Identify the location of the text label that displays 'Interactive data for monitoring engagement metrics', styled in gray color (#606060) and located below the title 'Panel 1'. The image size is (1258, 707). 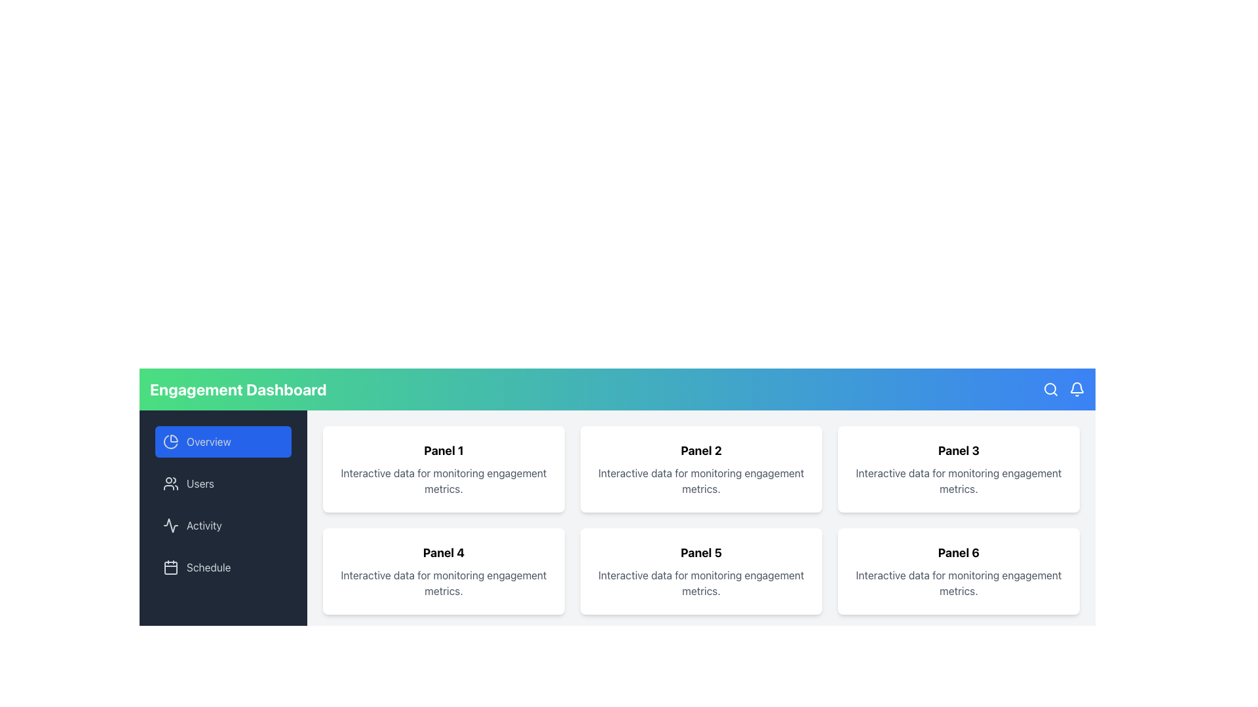
(444, 481).